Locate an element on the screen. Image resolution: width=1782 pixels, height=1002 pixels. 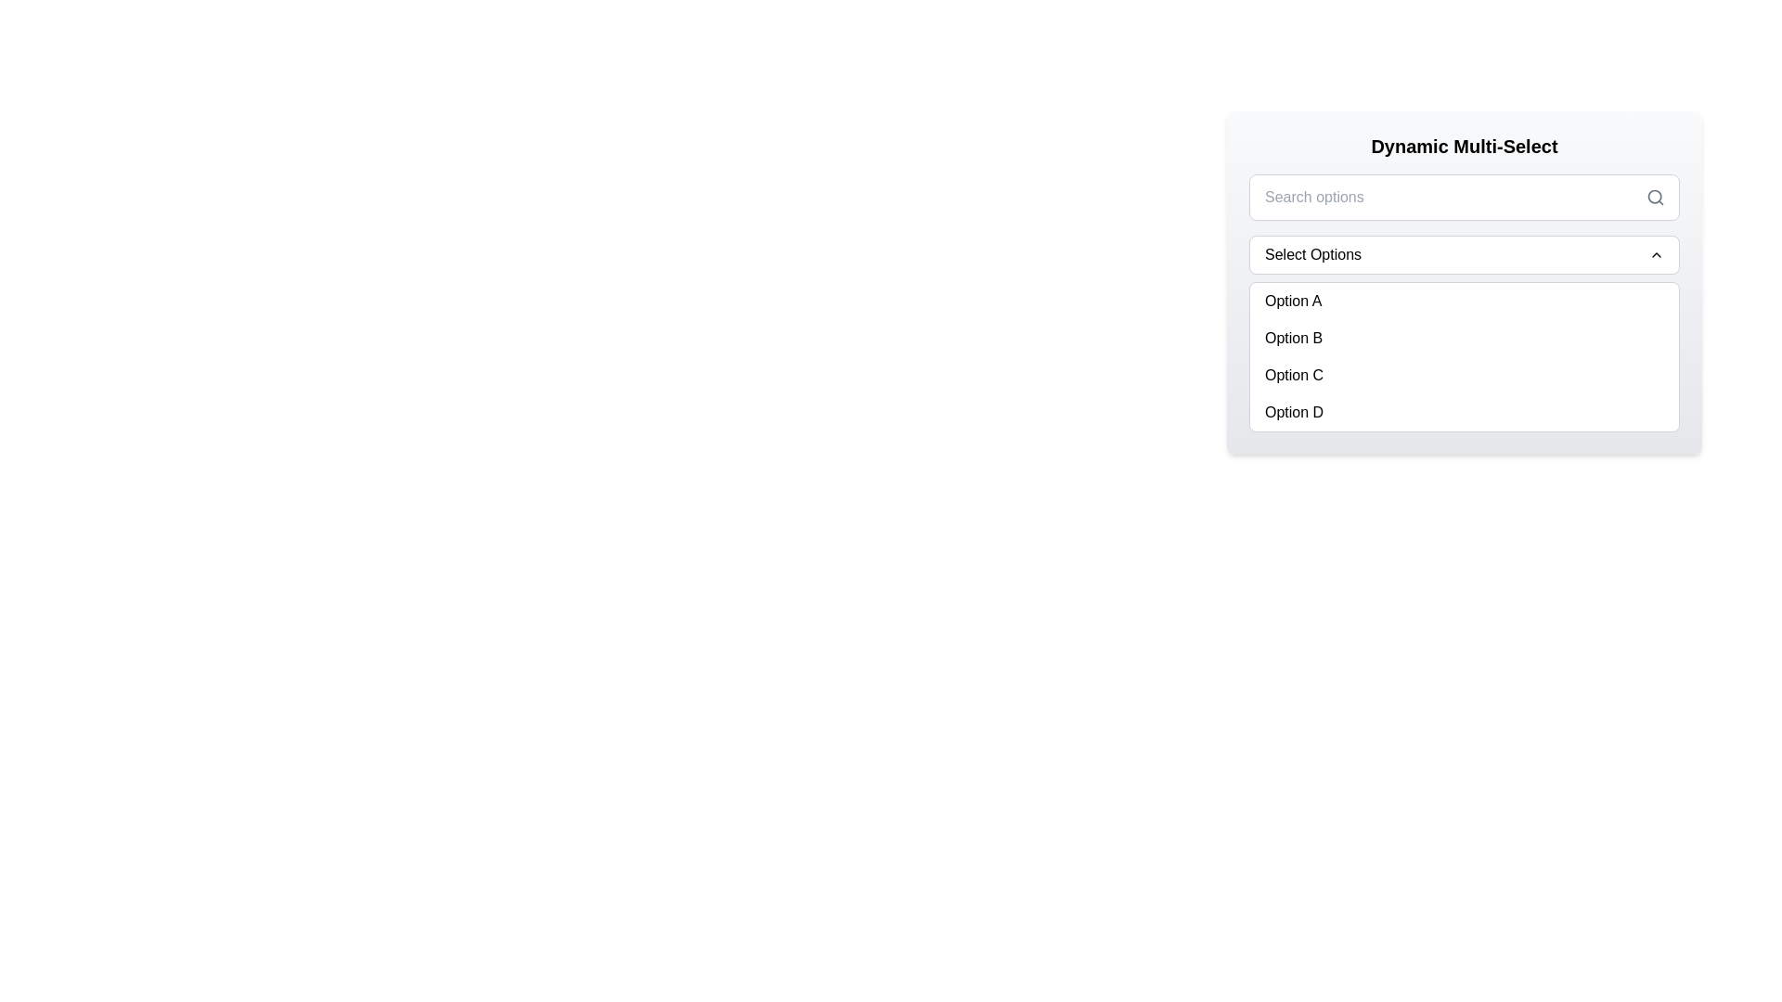
the Search Input Box located below the title 'Dynamic Multi-Select' and above the dropdown labeled 'Select Options' to focus on it is located at coordinates (1464, 197).